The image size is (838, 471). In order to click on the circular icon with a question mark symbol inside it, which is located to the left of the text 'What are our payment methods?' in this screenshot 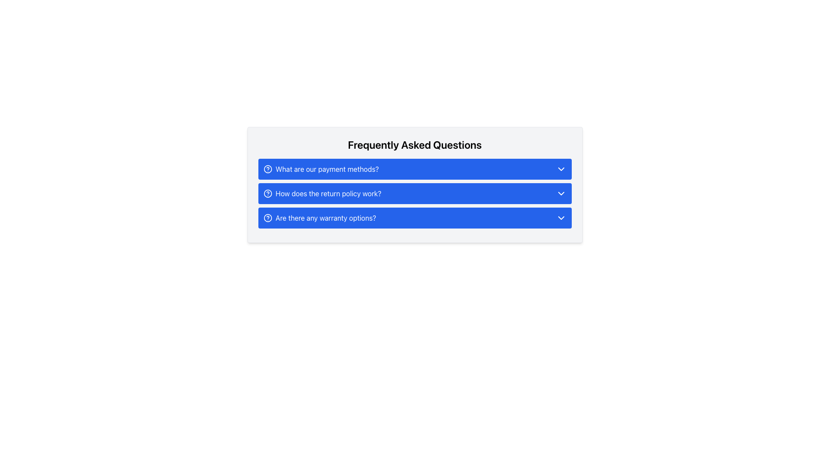, I will do `click(267, 169)`.